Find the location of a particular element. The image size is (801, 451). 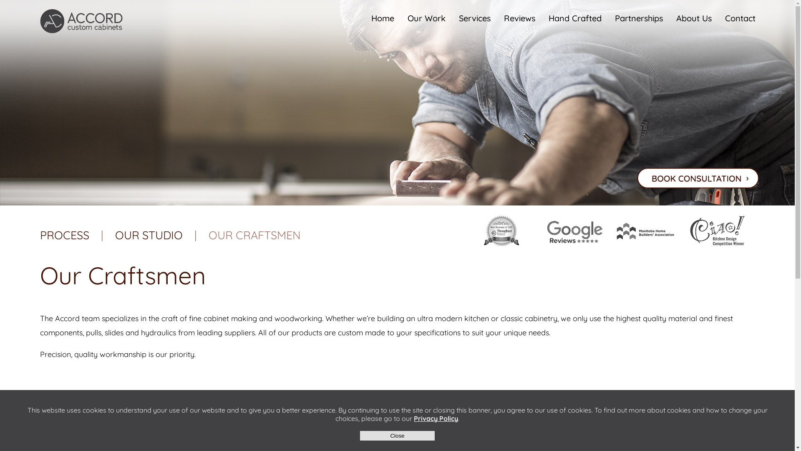

'Hand Crafted' is located at coordinates (574, 18).